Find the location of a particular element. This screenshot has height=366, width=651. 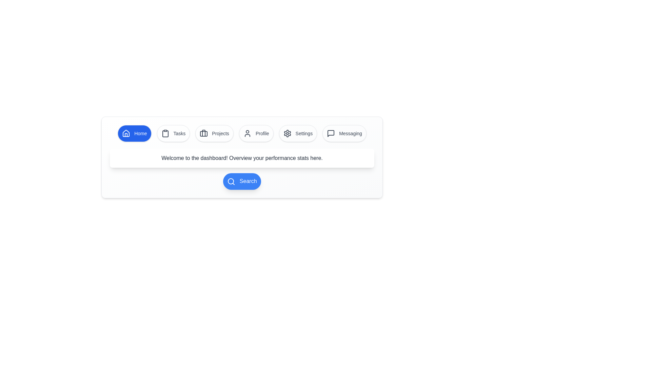

the Text Label that serves as a title for the messaging feature located at the center-right of the main navigation menu, accompanied by a chat bubble icon is located at coordinates (350, 133).